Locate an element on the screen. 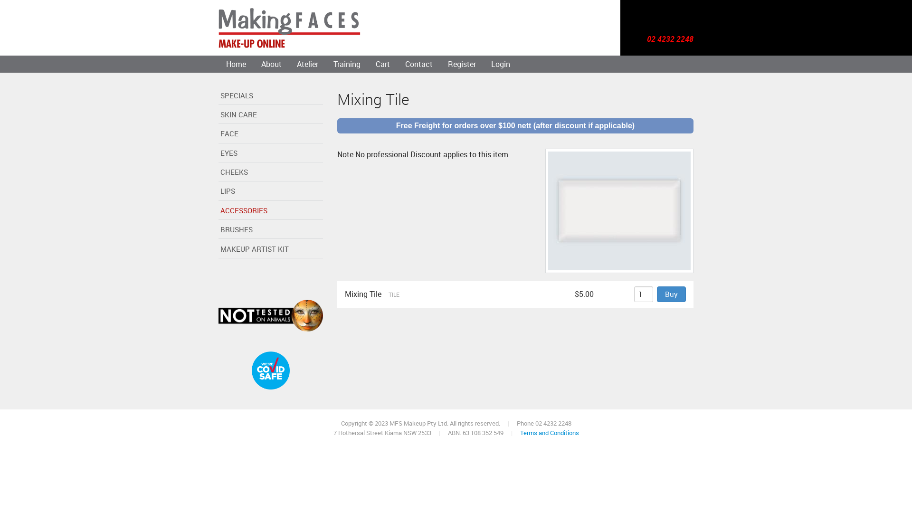 The image size is (912, 513). 'BRUSHES' is located at coordinates (270, 231).